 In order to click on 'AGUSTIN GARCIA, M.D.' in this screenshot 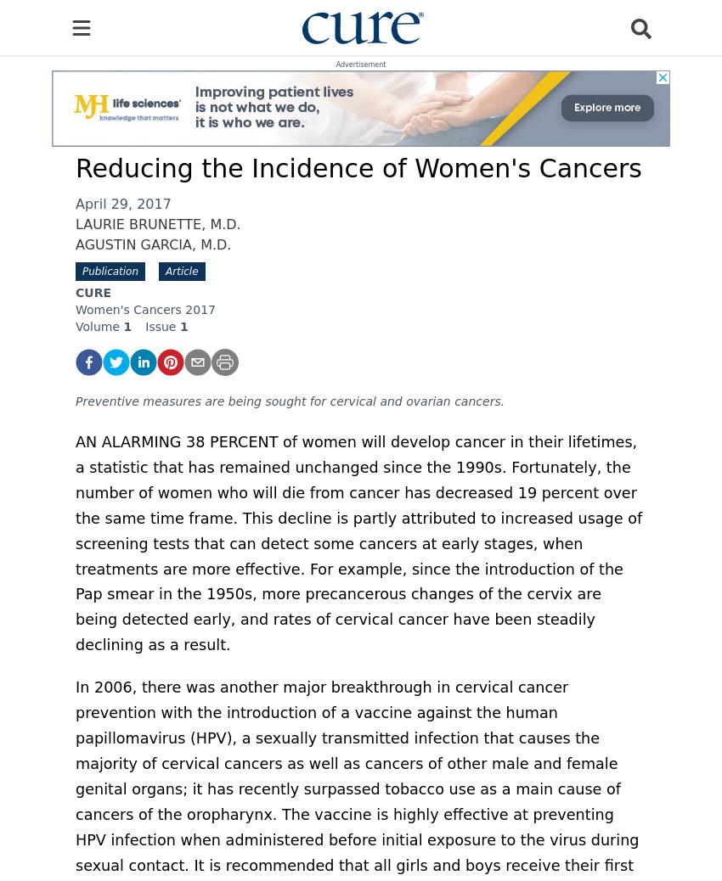, I will do `click(152, 244)`.